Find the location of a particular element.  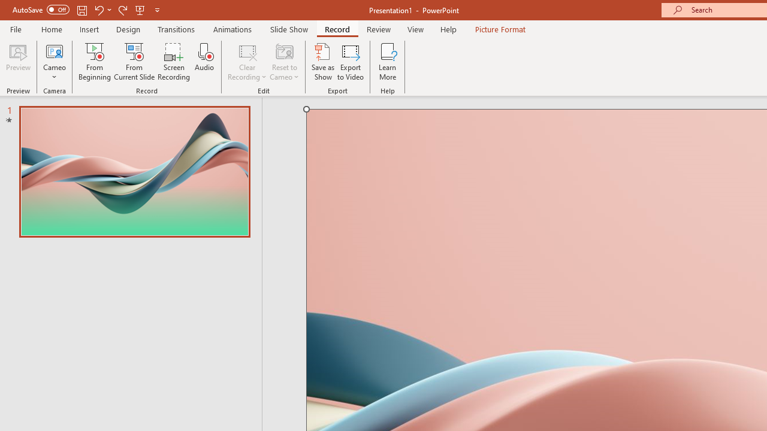

'Picture Format' is located at coordinates (500, 29).